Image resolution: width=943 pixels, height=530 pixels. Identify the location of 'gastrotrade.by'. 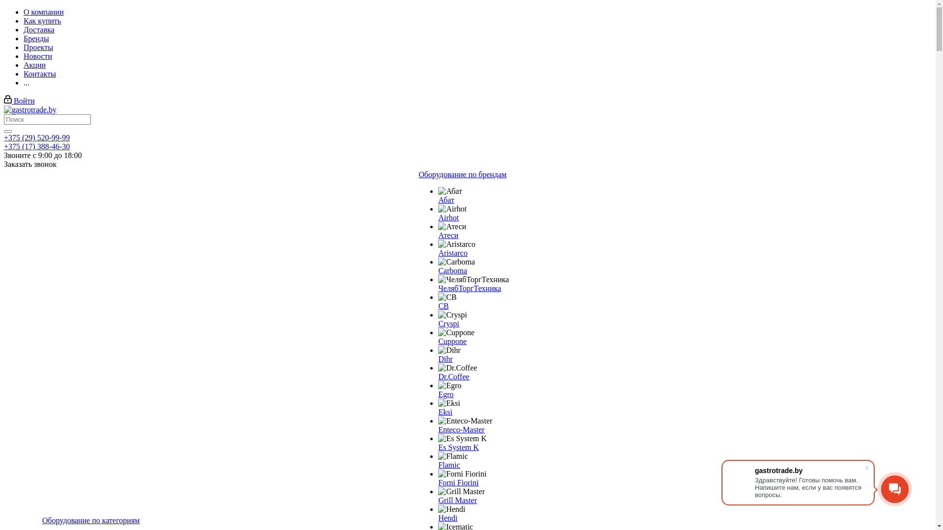
(30, 109).